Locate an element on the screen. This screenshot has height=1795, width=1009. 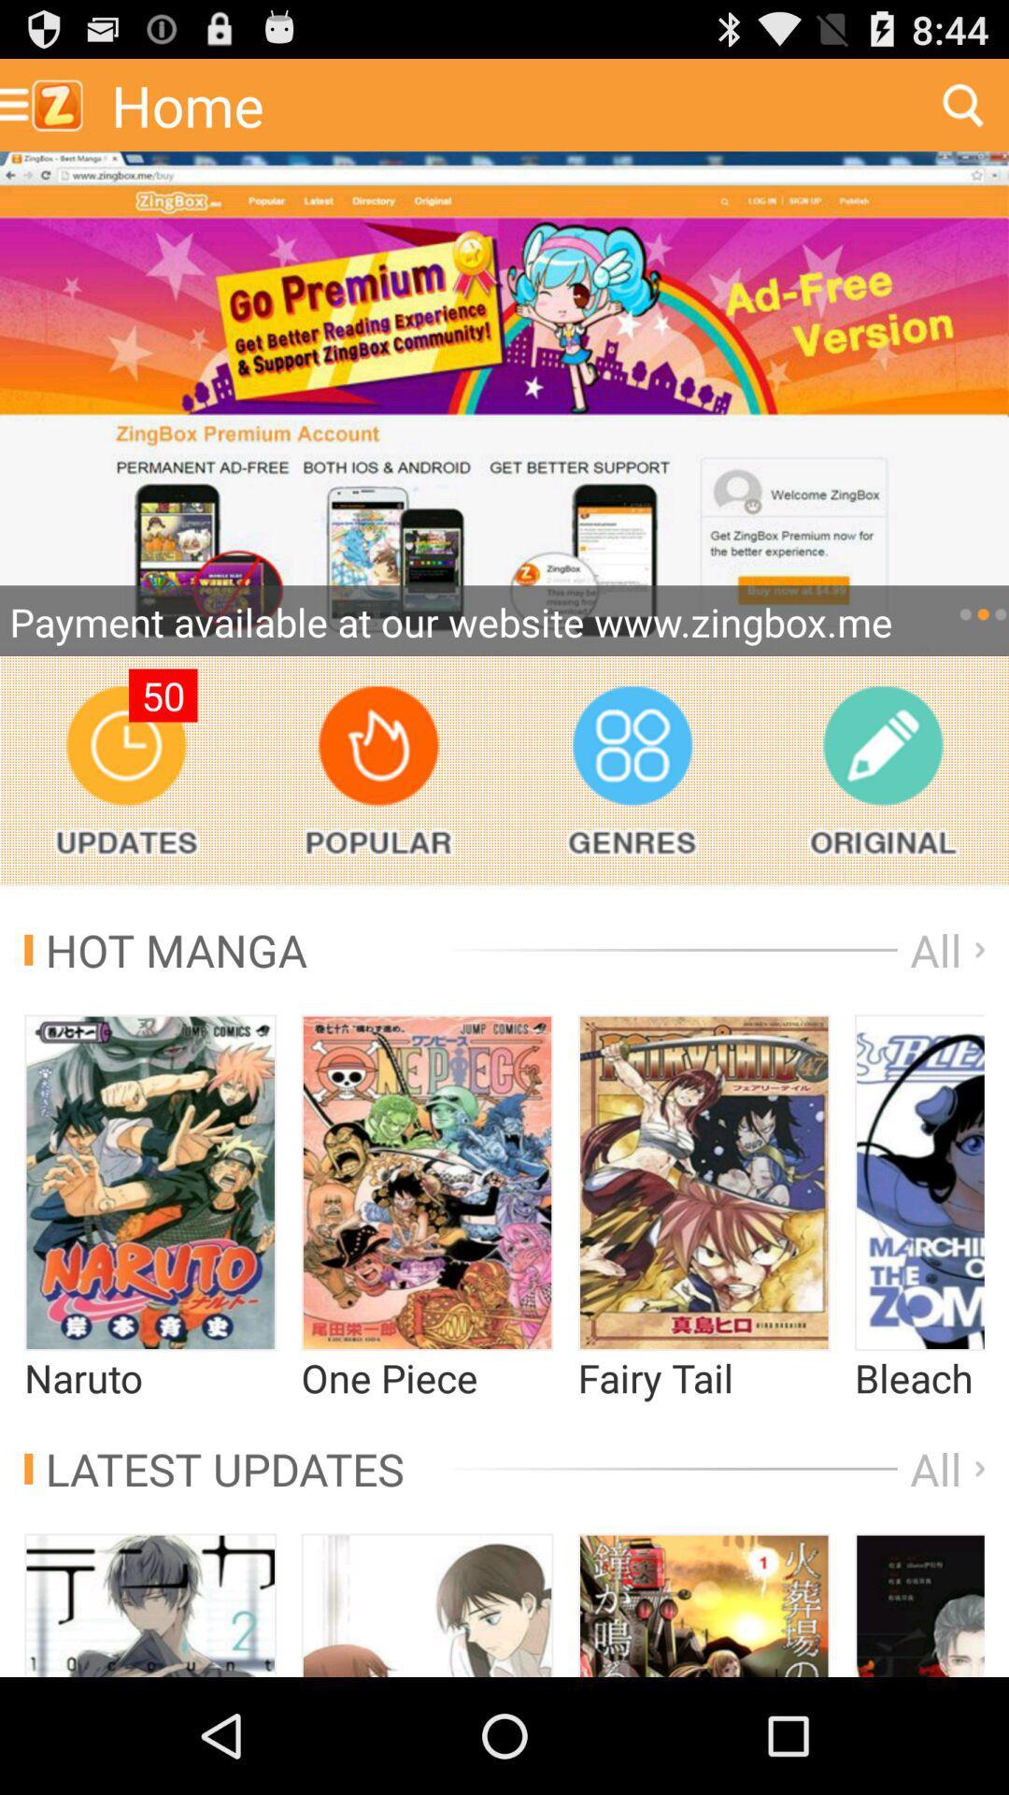
app is located at coordinates (504, 403).